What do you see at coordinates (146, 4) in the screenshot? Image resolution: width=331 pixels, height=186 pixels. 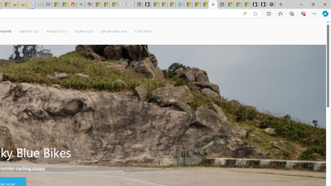 I see `'Microsoft Start Gaming'` at bounding box center [146, 4].